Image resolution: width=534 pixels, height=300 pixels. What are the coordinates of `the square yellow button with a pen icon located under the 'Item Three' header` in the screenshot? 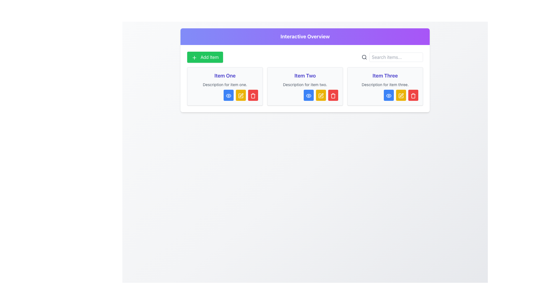 It's located at (401, 95).